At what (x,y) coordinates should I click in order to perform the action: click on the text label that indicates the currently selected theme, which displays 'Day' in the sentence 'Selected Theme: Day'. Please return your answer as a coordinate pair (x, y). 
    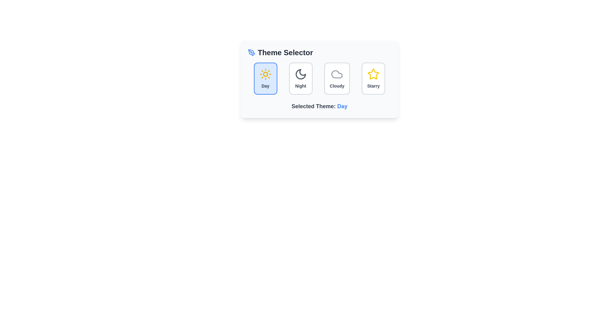
    Looking at the image, I should click on (342, 106).